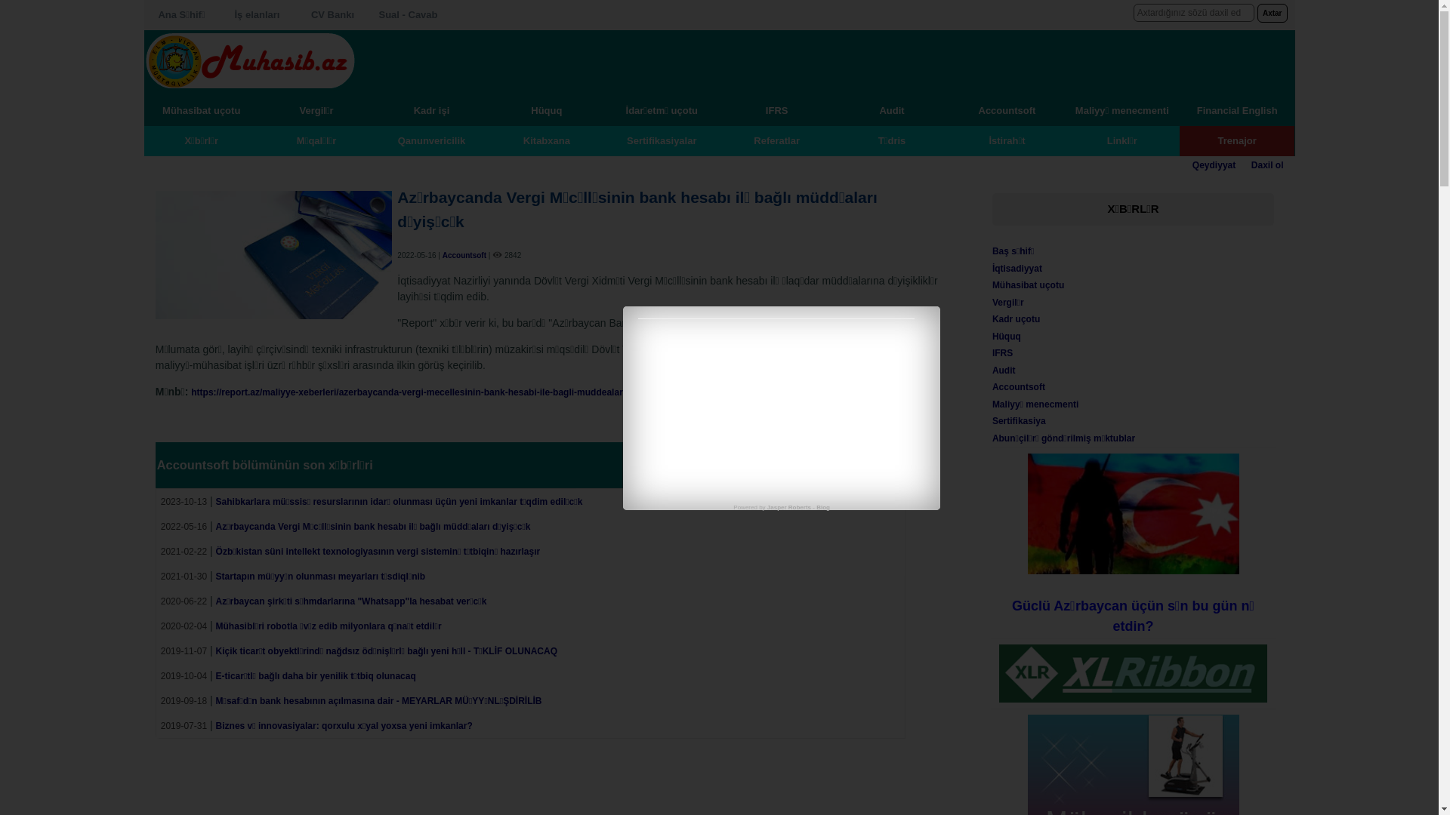 The image size is (1450, 815). I want to click on 'Sual - Cavab', so click(407, 14).